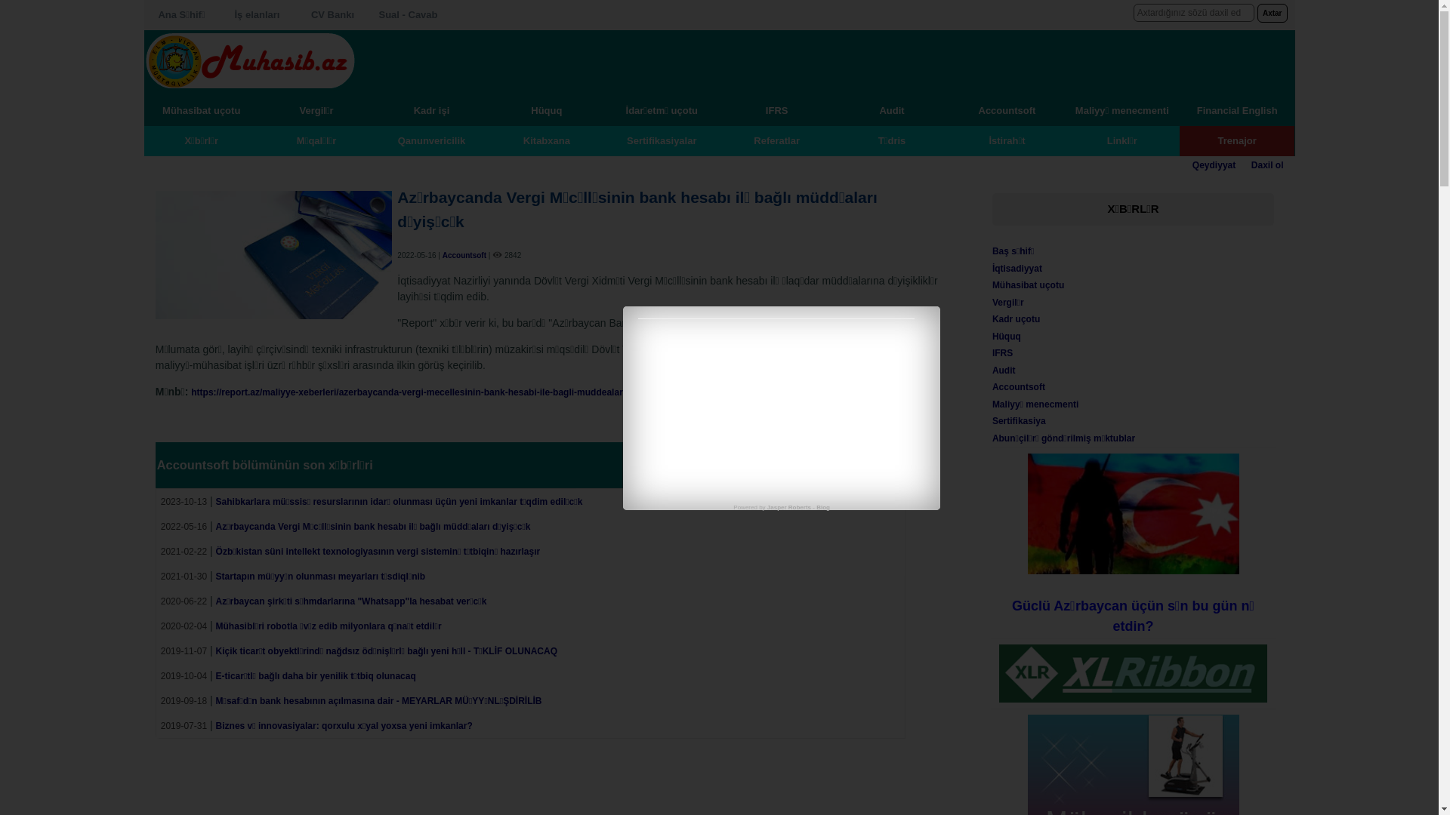 The image size is (1450, 815). I want to click on 'Sual - Cavab', so click(407, 14).